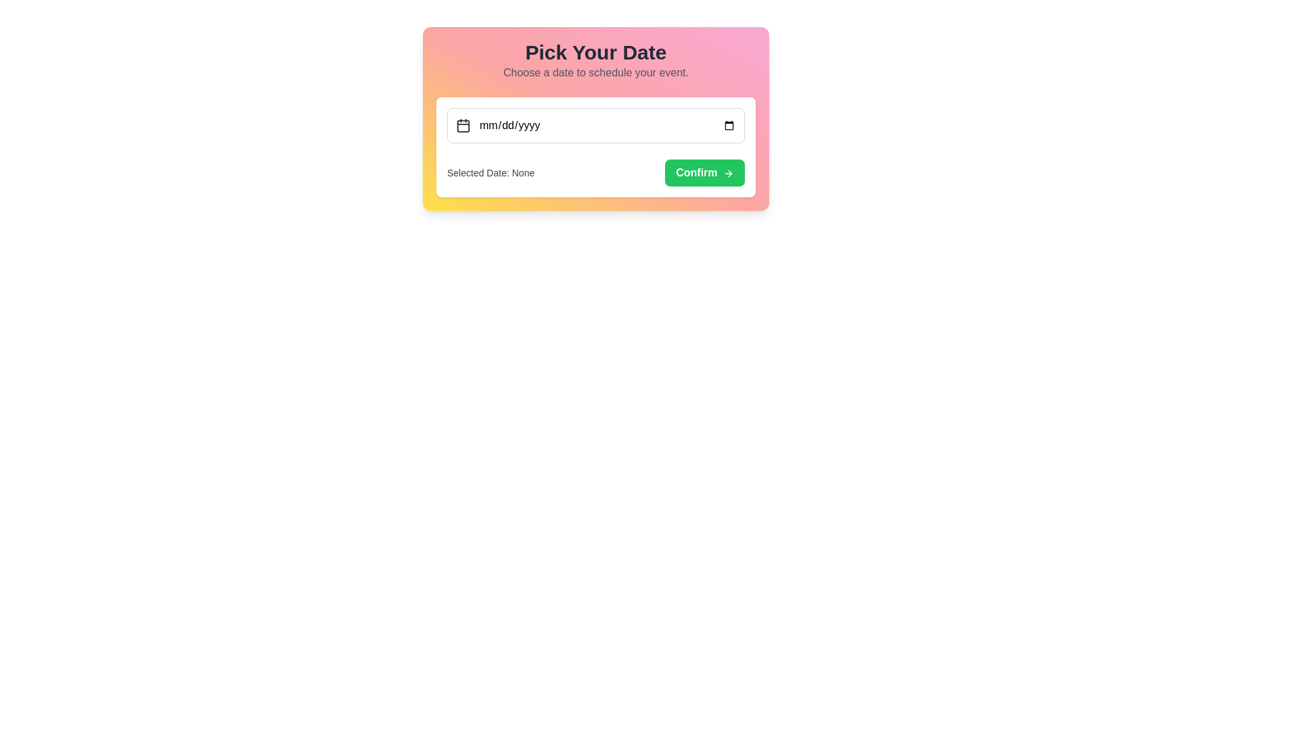 Image resolution: width=1299 pixels, height=730 pixels. I want to click on the right arrow graphic on the 'Confirm' button, which serves as a visual cue for forward action or confirmation, so click(729, 172).